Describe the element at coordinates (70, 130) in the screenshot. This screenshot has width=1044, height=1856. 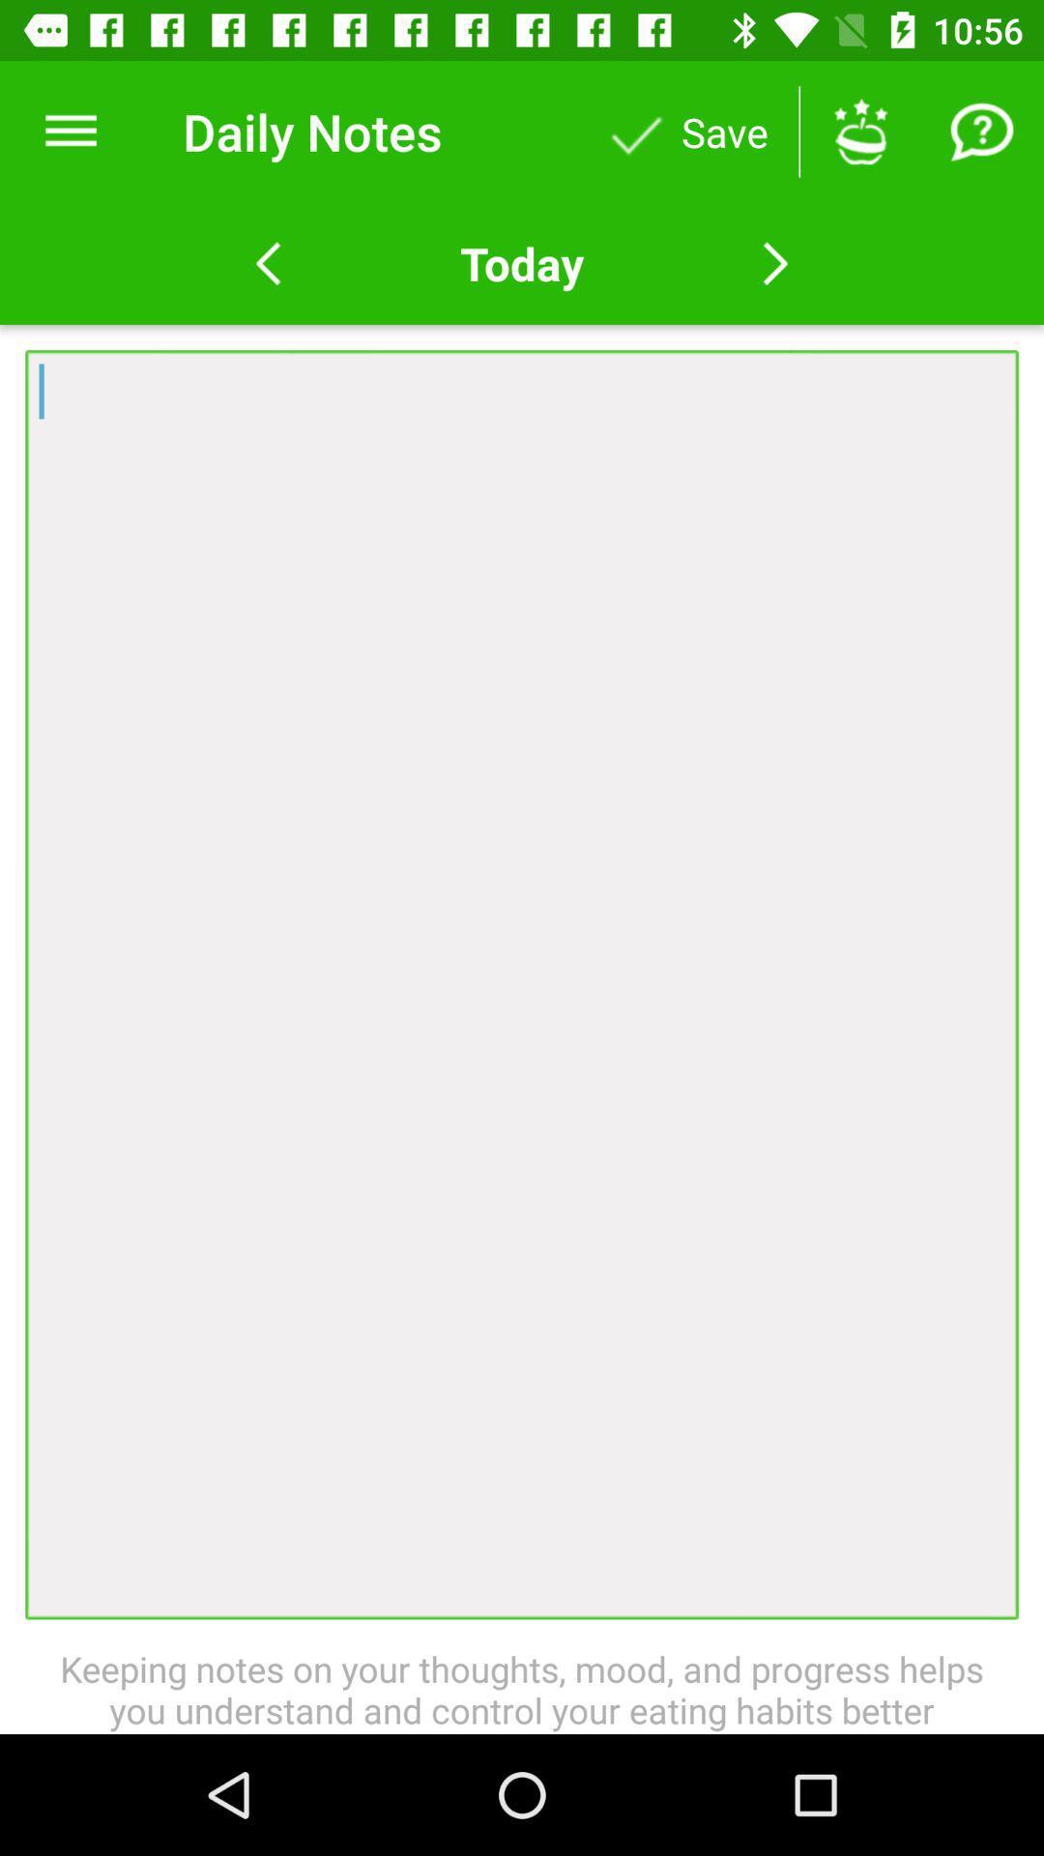
I see `item next to the daily notes item` at that location.